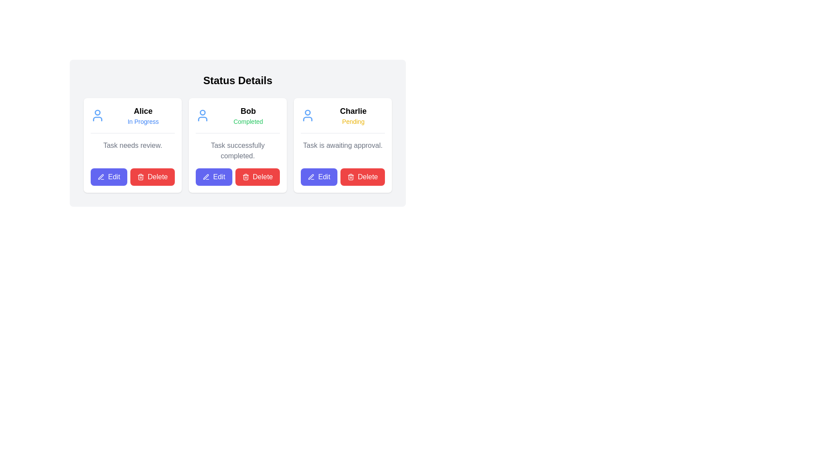 The width and height of the screenshot is (837, 471). Describe the element at coordinates (202, 115) in the screenshot. I see `the blue SVG icon representing a user profile picture, located to the left of the text 'Bob' and 'Completed' in the second column of the 'Status Details' interface` at that location.